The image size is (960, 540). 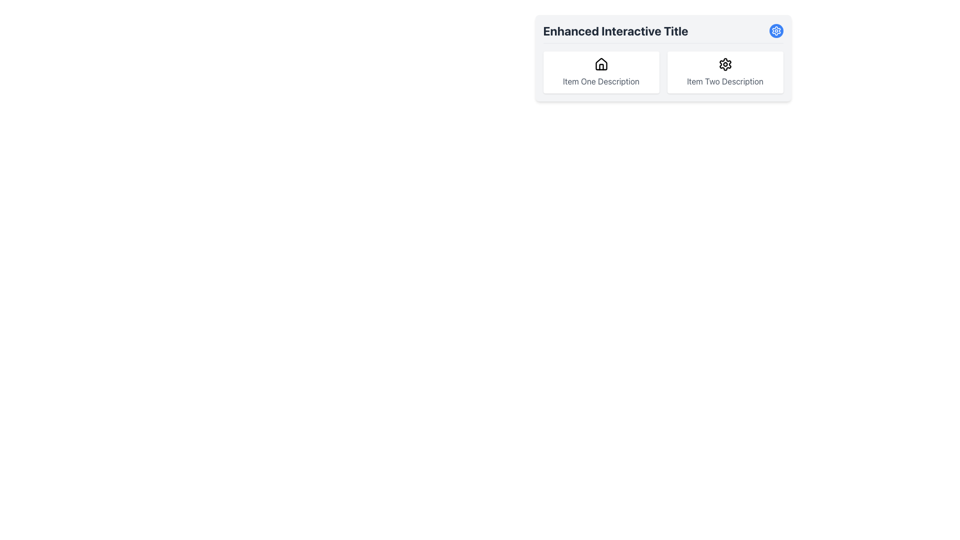 What do you see at coordinates (725, 64) in the screenshot?
I see `the cogwheel icon button located in the upper right corner of the 'Enhanced Interactive Title' card` at bounding box center [725, 64].